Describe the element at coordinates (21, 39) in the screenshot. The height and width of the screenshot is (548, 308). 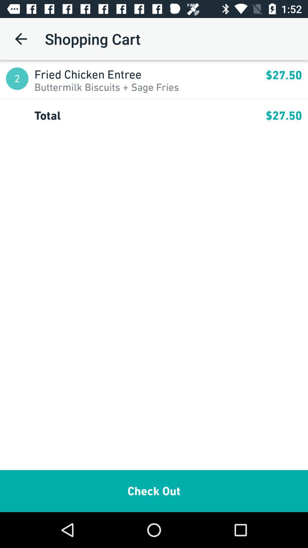
I see `the app next to shopping cart item` at that location.